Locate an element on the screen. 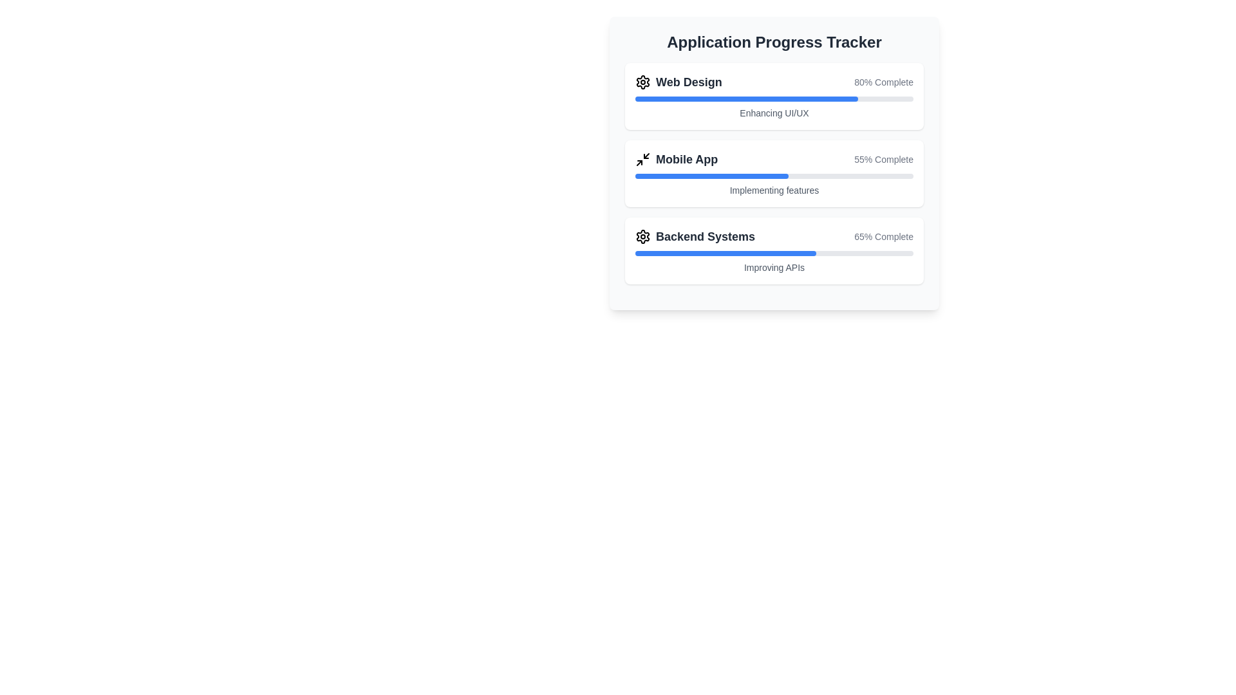  text label that indicates 'Backend Systems', which is the third entry in the Application Progress Tracker list, located to the right of the settings gear icon is located at coordinates (705, 236).